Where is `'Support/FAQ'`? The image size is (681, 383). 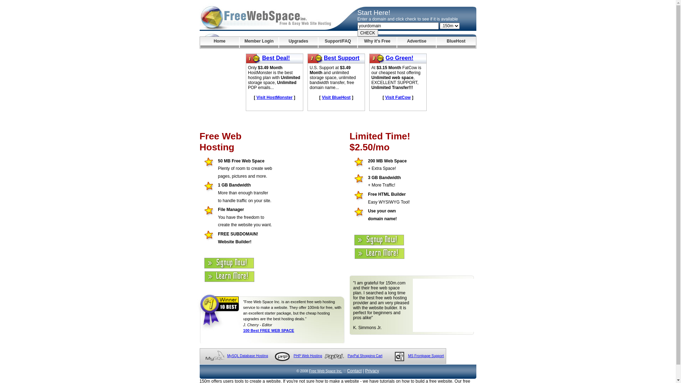 'Support/FAQ' is located at coordinates (337, 42).